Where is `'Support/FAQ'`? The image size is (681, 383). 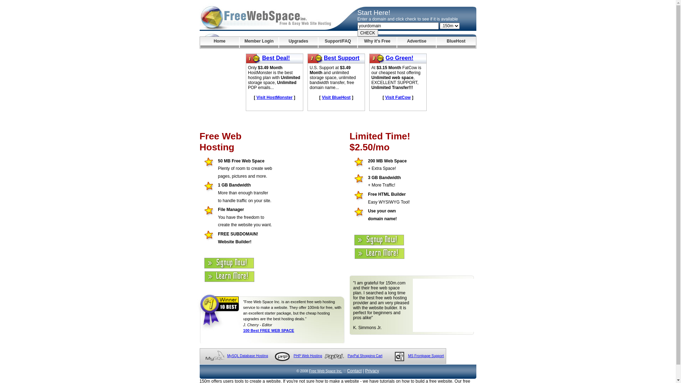 'Support/FAQ' is located at coordinates (337, 42).